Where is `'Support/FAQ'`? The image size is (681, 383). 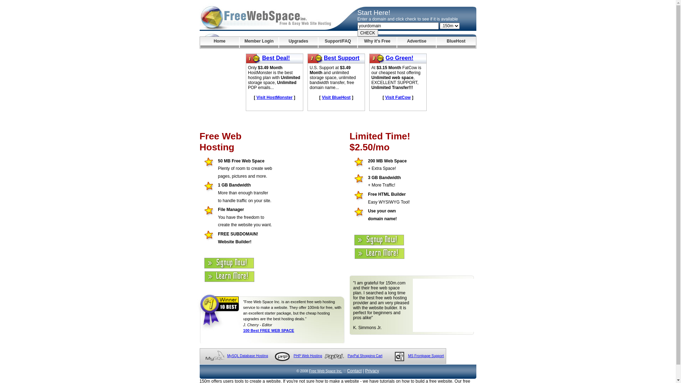 'Support/FAQ' is located at coordinates (337, 42).